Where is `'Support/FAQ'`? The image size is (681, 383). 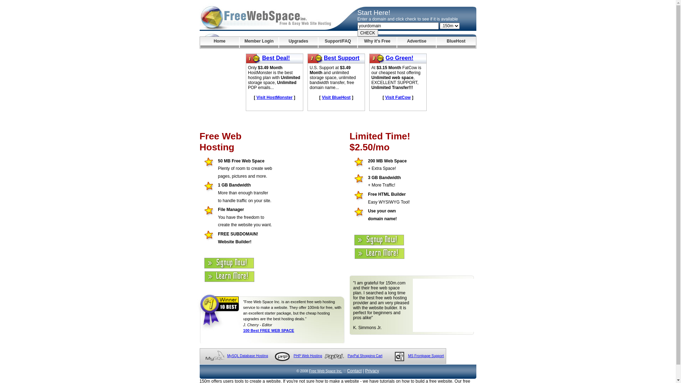 'Support/FAQ' is located at coordinates (337, 42).